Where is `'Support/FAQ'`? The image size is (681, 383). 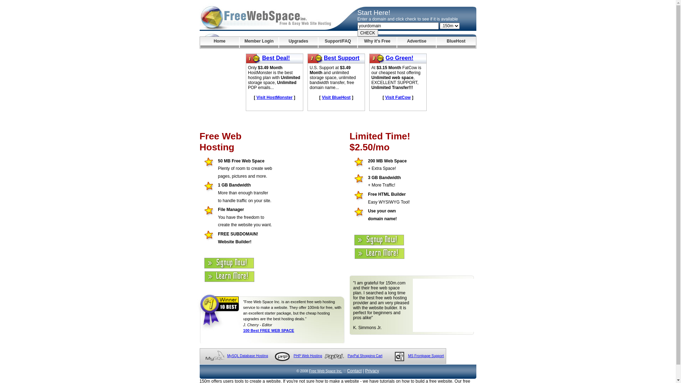 'Support/FAQ' is located at coordinates (337, 42).